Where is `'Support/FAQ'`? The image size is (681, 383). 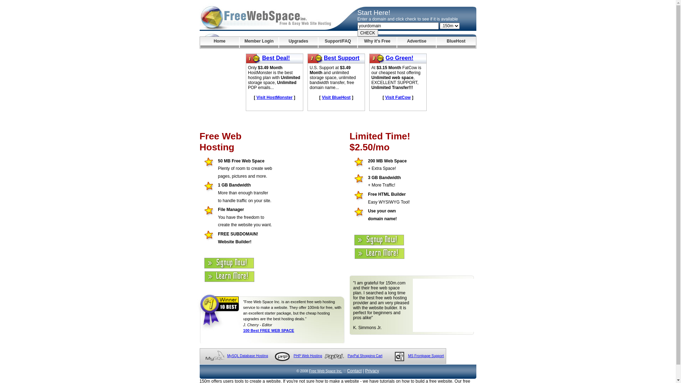 'Support/FAQ' is located at coordinates (337, 42).